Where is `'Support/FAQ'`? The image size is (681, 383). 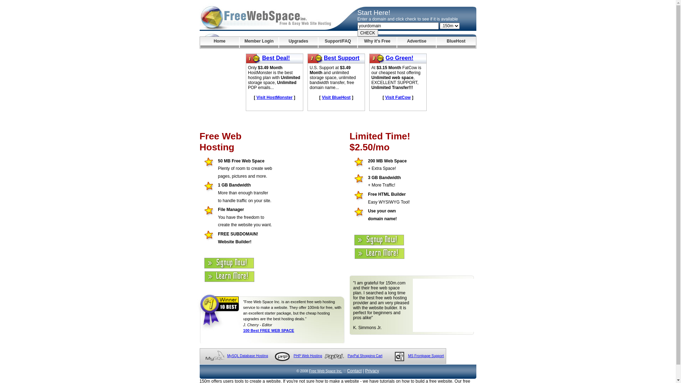 'Support/FAQ' is located at coordinates (337, 42).